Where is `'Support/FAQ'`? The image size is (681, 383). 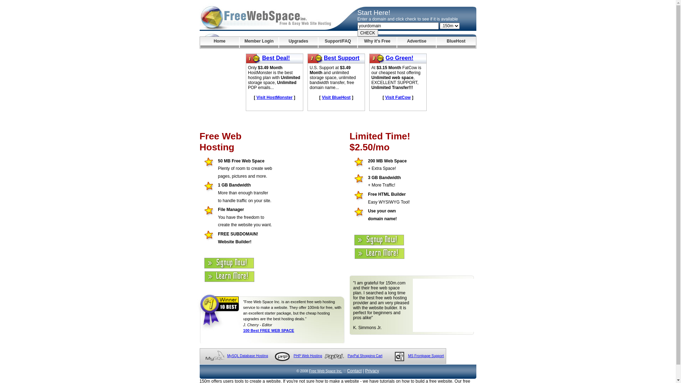 'Support/FAQ' is located at coordinates (337, 42).